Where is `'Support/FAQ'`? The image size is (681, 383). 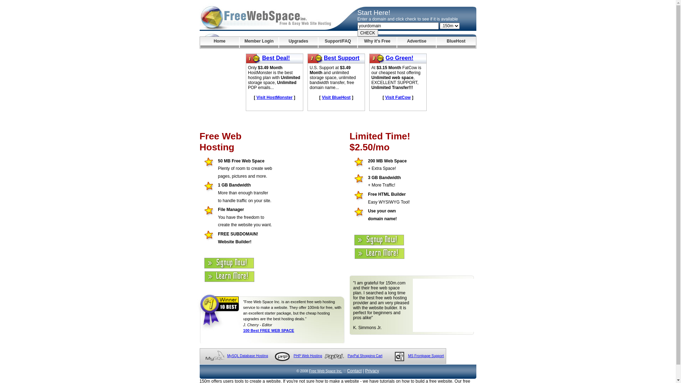 'Support/FAQ' is located at coordinates (337, 42).